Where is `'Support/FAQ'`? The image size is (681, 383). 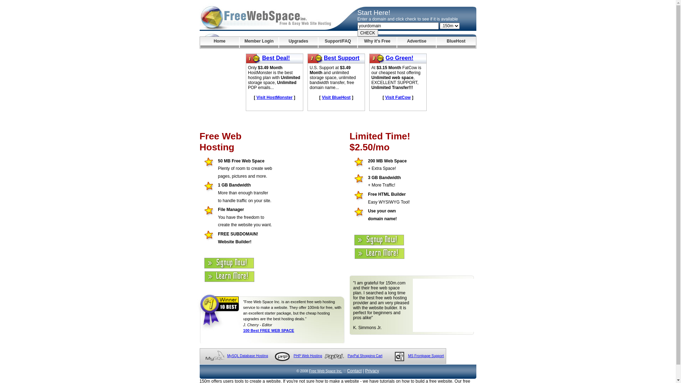 'Support/FAQ' is located at coordinates (337, 42).